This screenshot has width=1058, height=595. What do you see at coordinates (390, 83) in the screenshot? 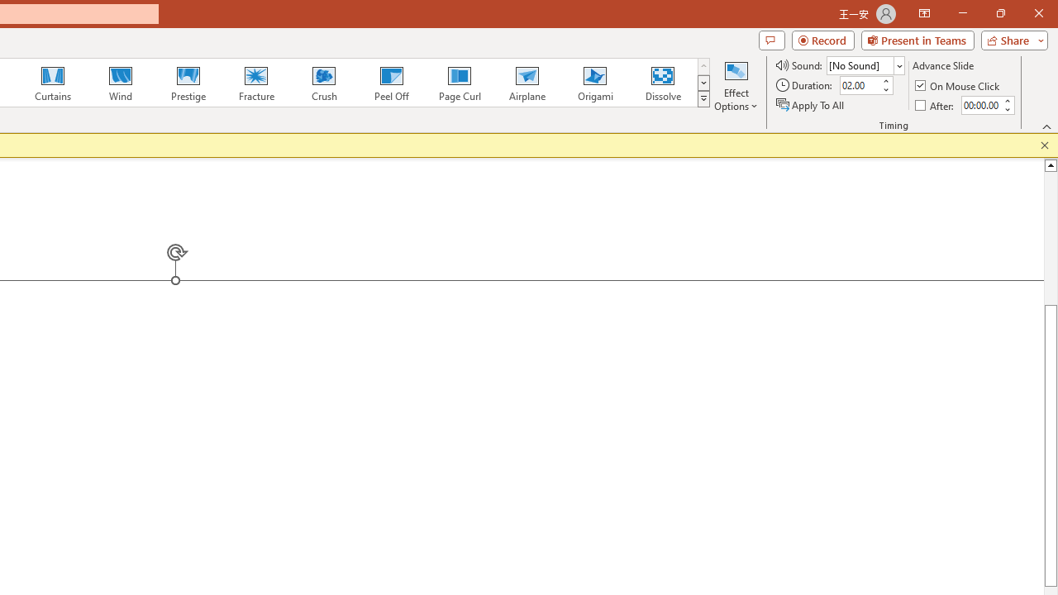
I see `'Peel Off'` at bounding box center [390, 83].